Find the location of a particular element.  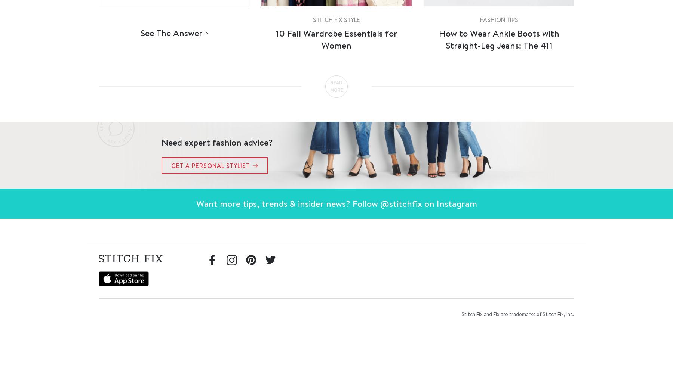

'Get a personal stylist' is located at coordinates (210, 165).